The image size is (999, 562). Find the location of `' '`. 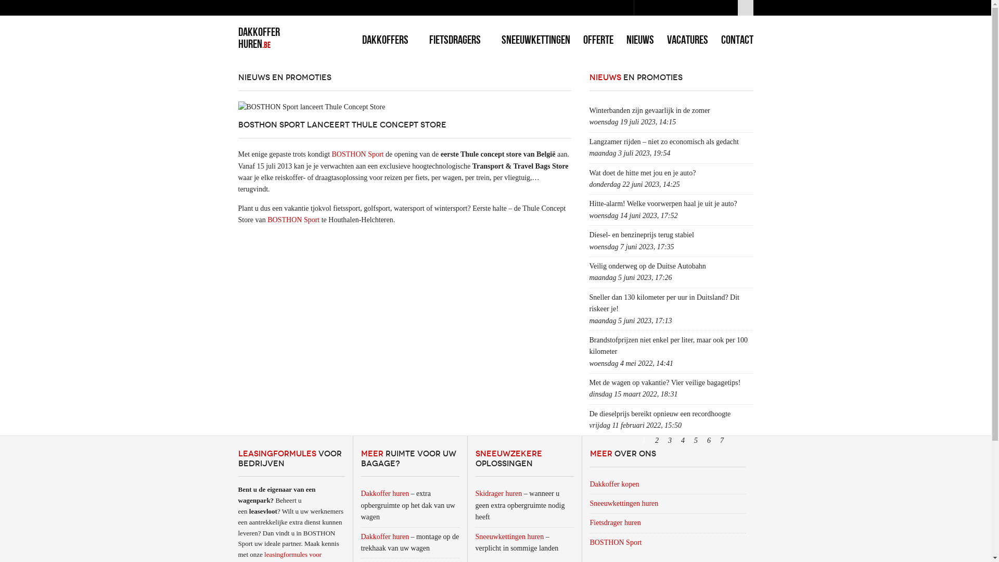

' ' is located at coordinates (728, 441).